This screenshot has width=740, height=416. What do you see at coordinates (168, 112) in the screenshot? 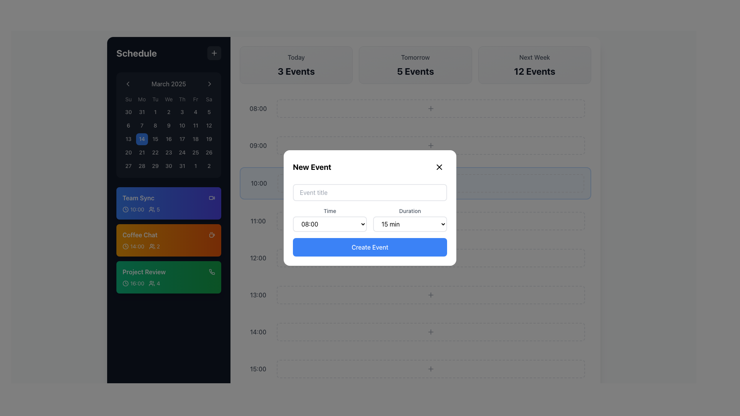
I see `the button representing March 2nd, 2025, in the calendar` at bounding box center [168, 112].